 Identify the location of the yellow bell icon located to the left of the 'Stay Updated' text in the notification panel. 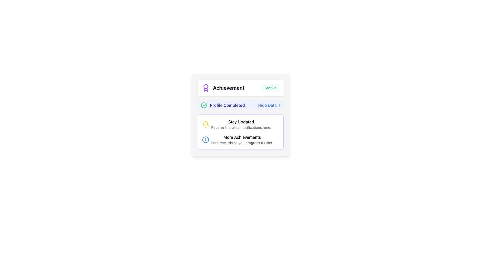
(206, 124).